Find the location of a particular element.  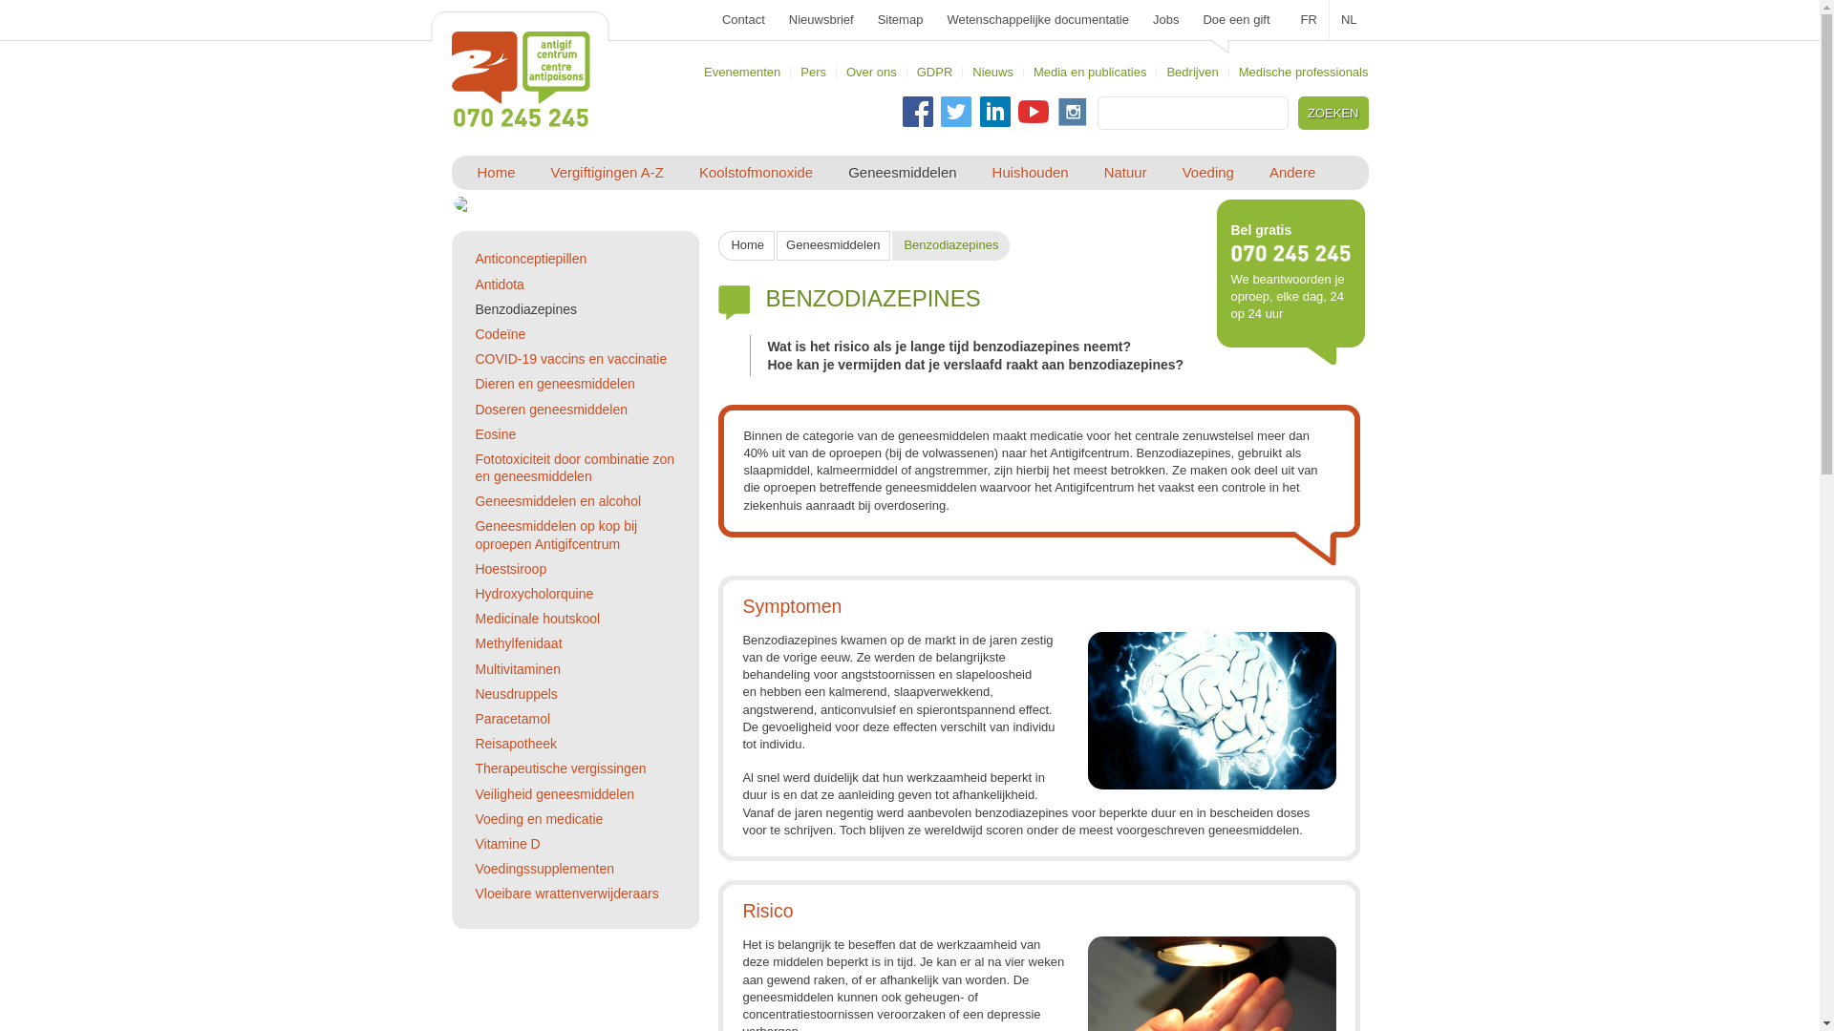

'Benzodiazepines' is located at coordinates (525, 308).